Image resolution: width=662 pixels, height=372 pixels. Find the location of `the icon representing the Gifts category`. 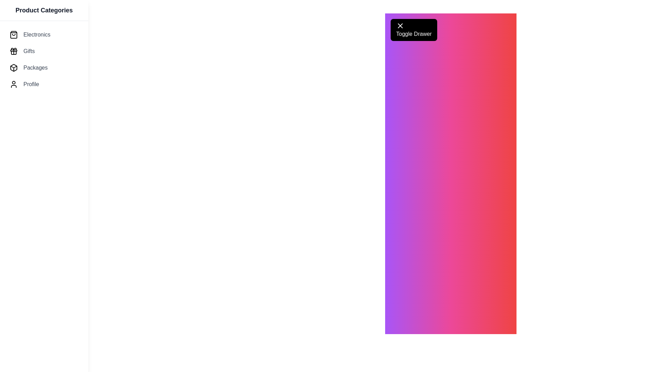

the icon representing the Gifts category is located at coordinates (13, 51).